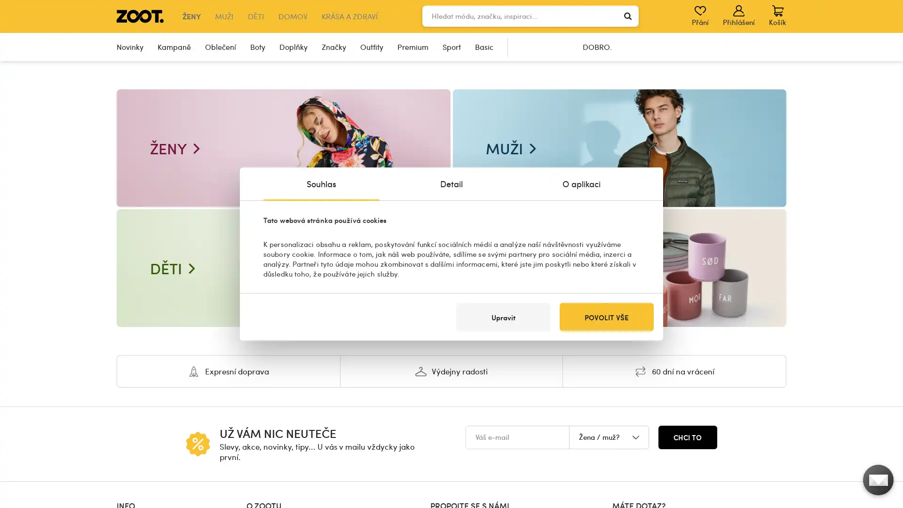 This screenshot has height=508, width=903. Describe the element at coordinates (607, 317) in the screenshot. I see `POVOLIT VSE` at that location.